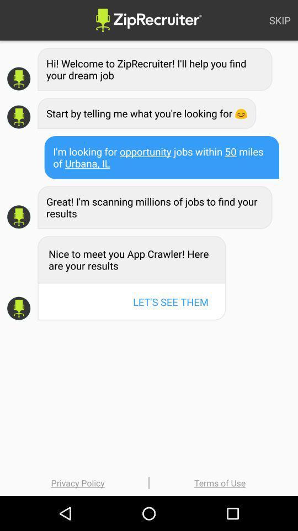 This screenshot has width=298, height=531. Describe the element at coordinates (171, 301) in the screenshot. I see `the let s see icon` at that location.